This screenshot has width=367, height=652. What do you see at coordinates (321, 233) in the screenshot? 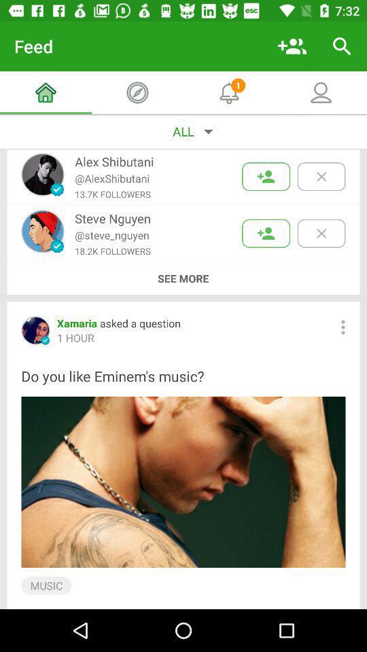
I see `deny friend request` at bounding box center [321, 233].